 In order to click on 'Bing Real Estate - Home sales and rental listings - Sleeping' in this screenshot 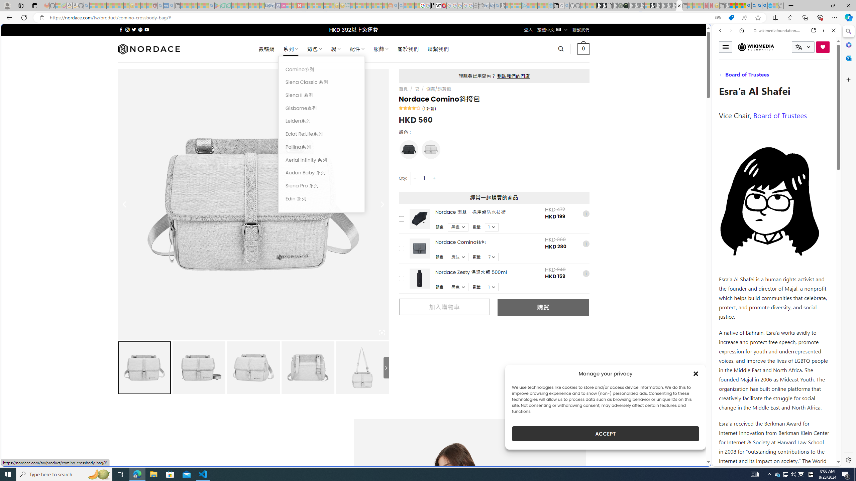, I will do `click(497, 5)`.